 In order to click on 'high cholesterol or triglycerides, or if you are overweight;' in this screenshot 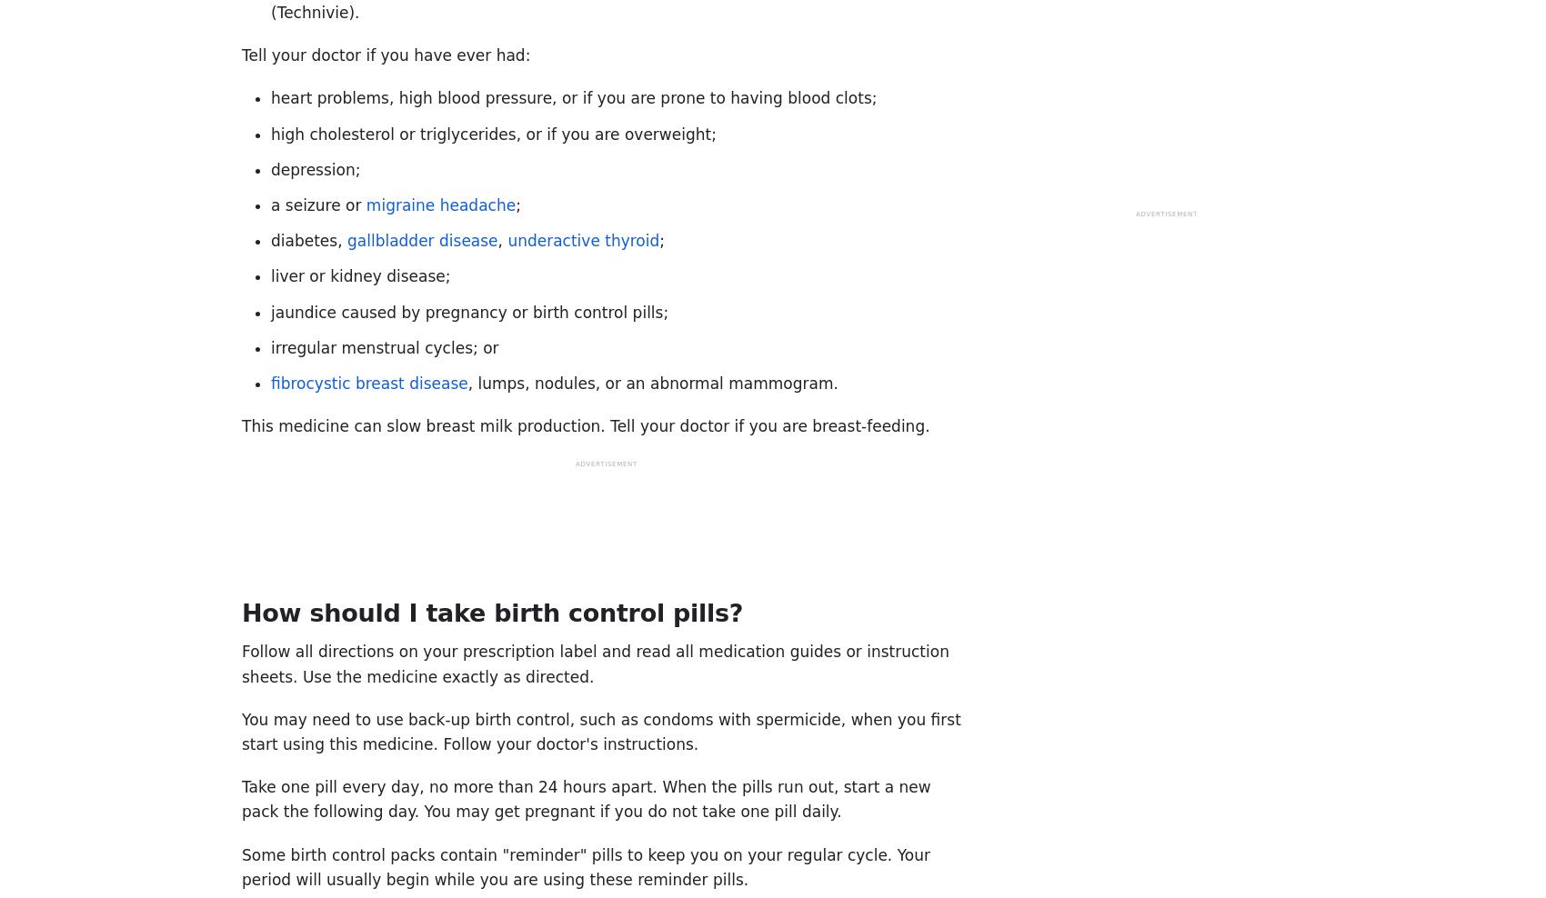, I will do `click(271, 133)`.